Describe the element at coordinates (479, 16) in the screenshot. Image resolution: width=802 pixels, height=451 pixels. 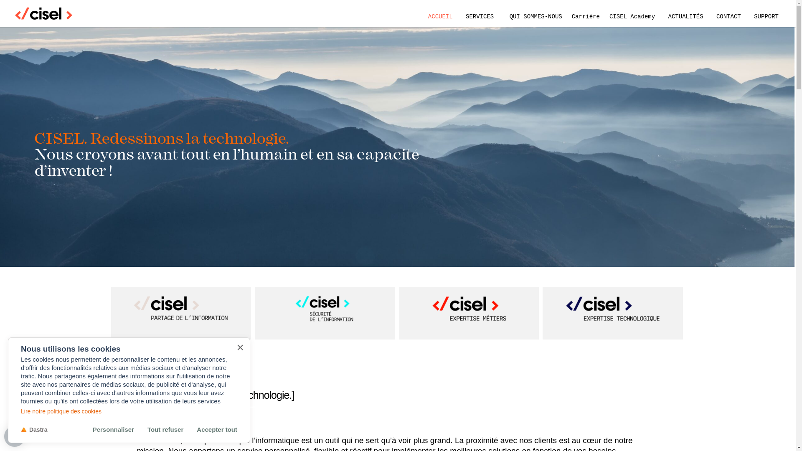
I see `'_SERVICES'` at that location.